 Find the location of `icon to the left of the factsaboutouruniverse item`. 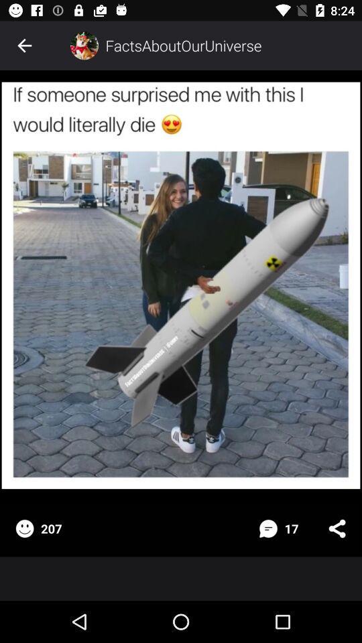

icon to the left of the factsaboutouruniverse item is located at coordinates (84, 46).